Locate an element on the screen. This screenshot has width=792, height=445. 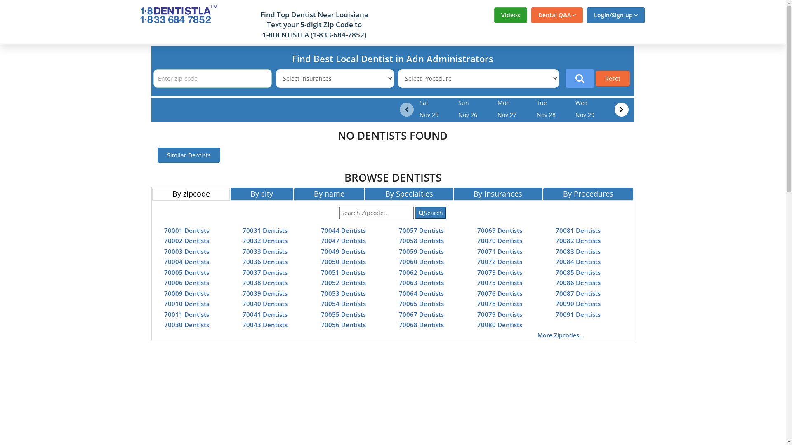
'70052 Dentists' is located at coordinates (320, 282).